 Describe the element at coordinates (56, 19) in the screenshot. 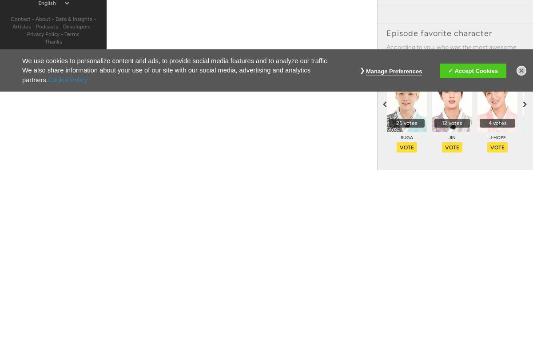

I see `'Data & Insights'` at that location.